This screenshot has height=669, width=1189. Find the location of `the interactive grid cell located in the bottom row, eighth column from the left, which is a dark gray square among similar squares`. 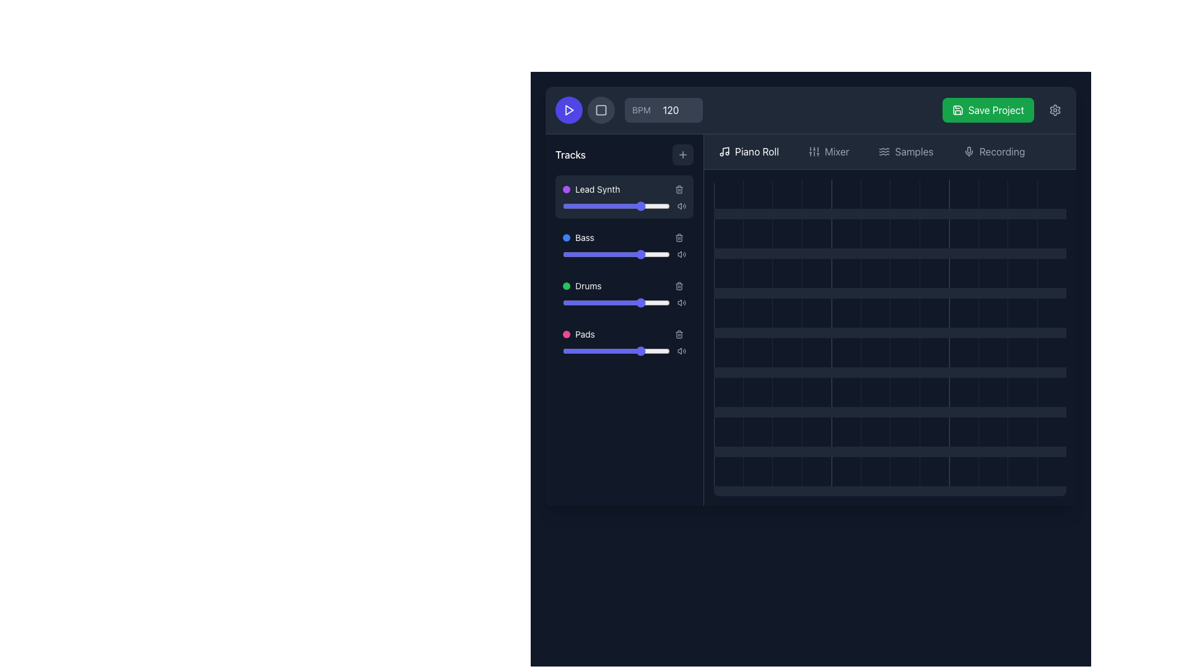

the interactive grid cell located in the bottom row, eighth column from the left, which is a dark gray square among similar squares is located at coordinates (934, 471).